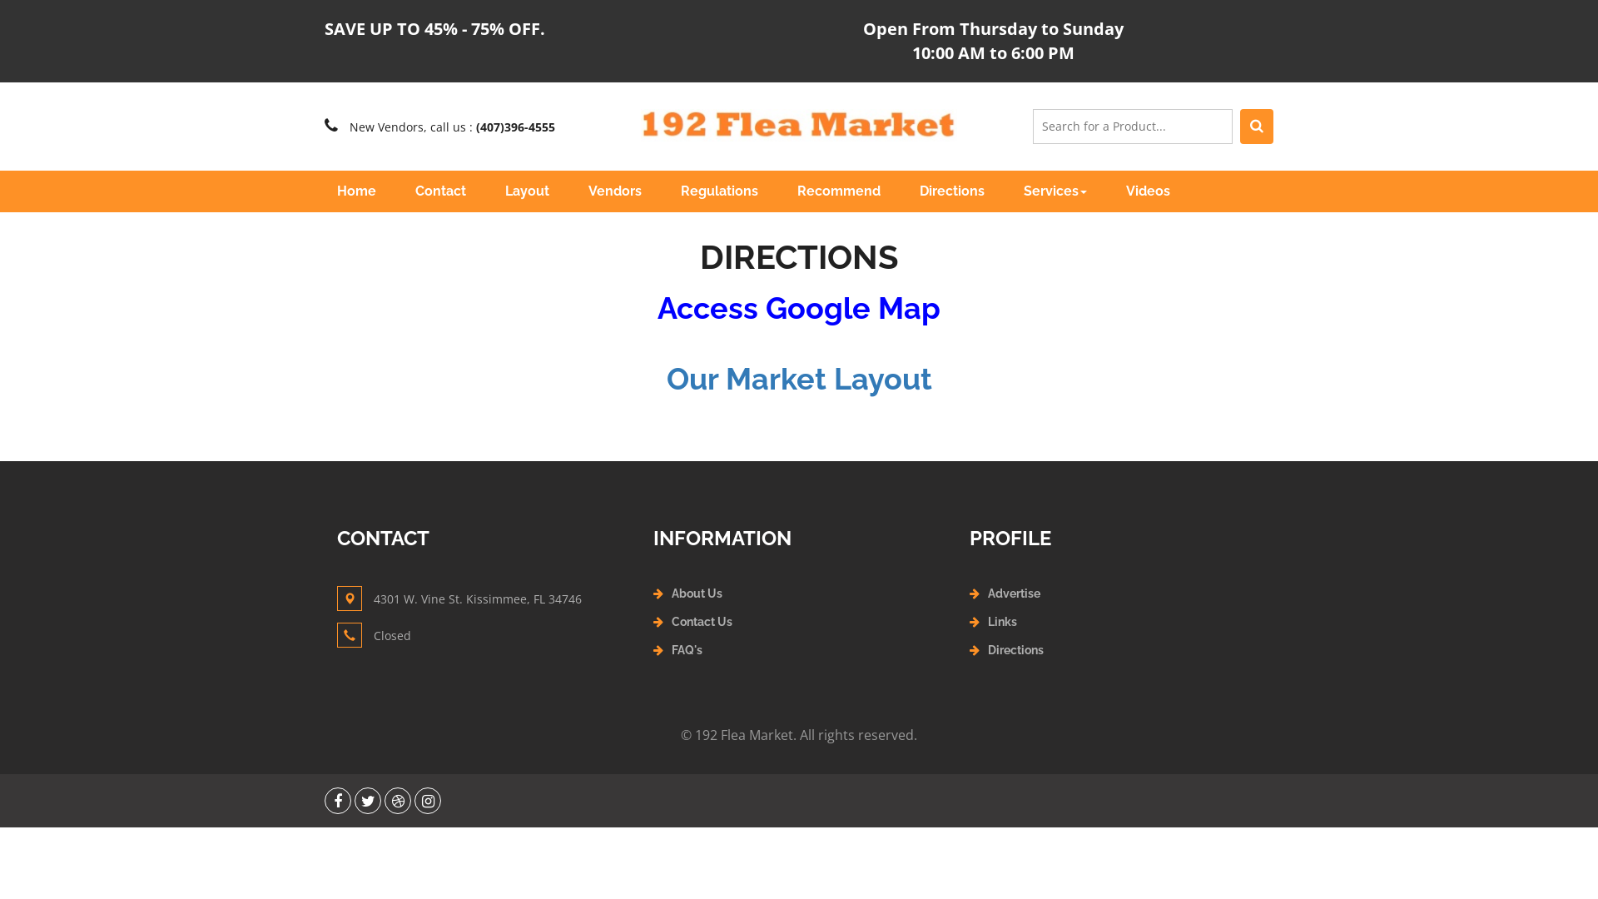  I want to click on 'Videos', so click(1147, 191).